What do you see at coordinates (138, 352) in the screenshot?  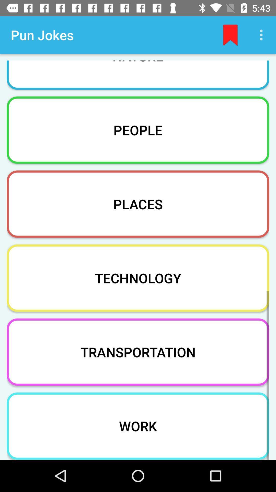 I see `the transportation` at bounding box center [138, 352].